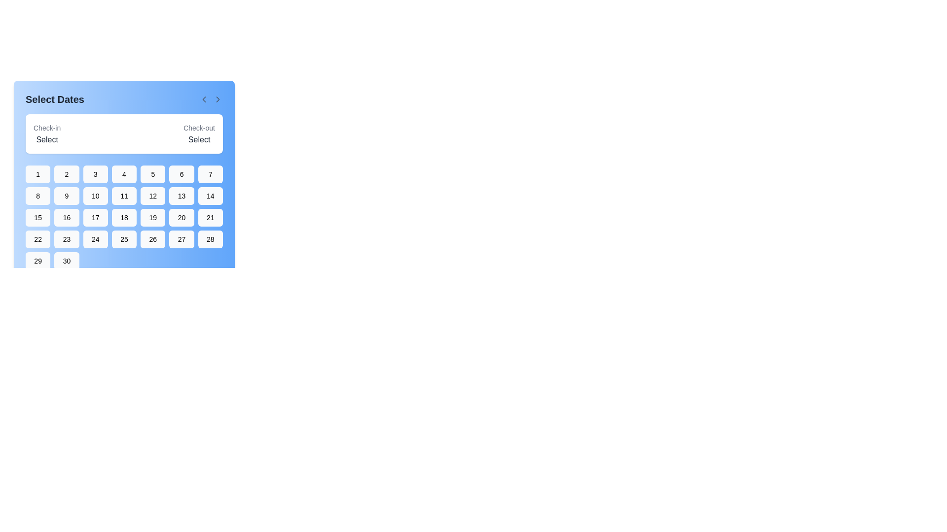  I want to click on the 'Select' text label, which is displayed in bold gray font on a white background and located under the 'Check-in' heading, so click(46, 140).